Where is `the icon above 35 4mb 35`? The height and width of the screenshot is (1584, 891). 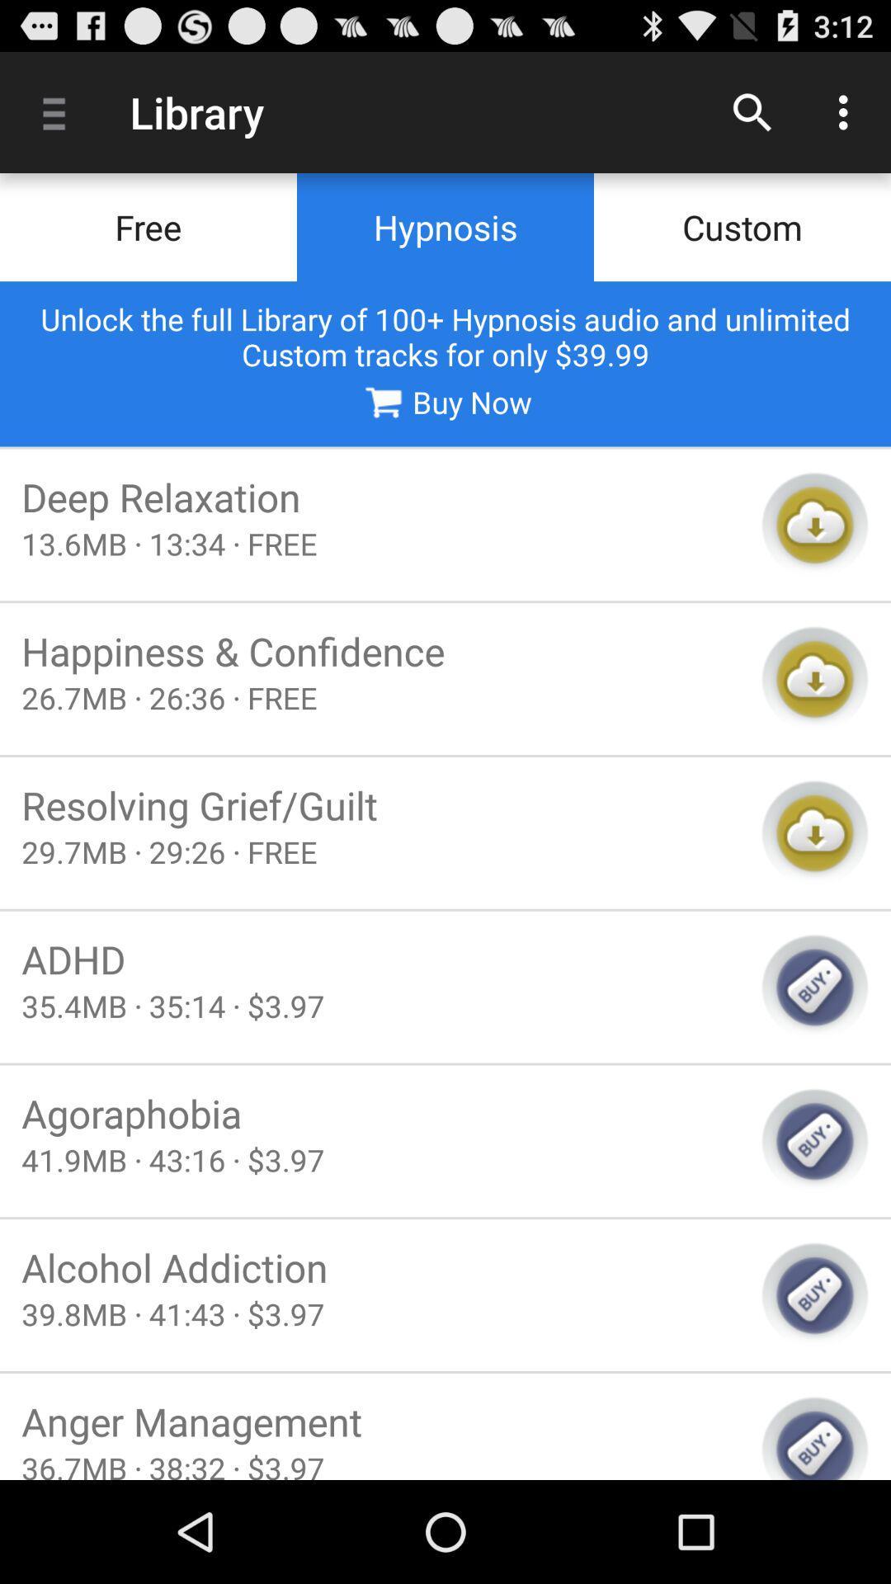 the icon above 35 4mb 35 is located at coordinates (380, 959).